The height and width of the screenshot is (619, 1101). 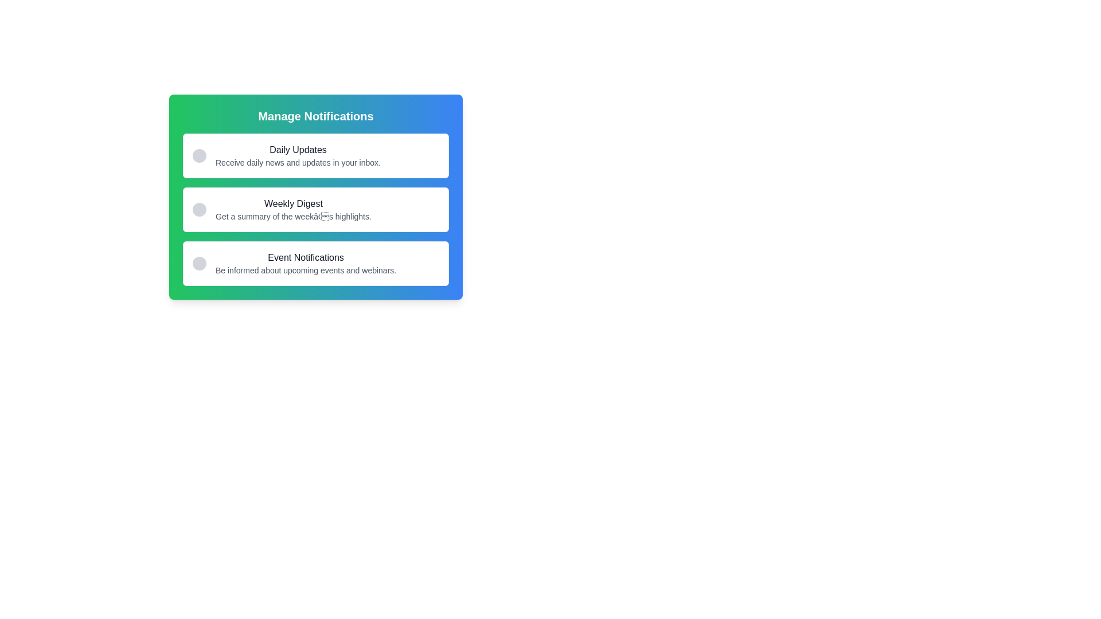 What do you see at coordinates (293, 203) in the screenshot?
I see `the Text Label that describes the notification option in the 'Manage Notifications' section, positioned between 'Daily Updates' and 'Event Notifications'` at bounding box center [293, 203].